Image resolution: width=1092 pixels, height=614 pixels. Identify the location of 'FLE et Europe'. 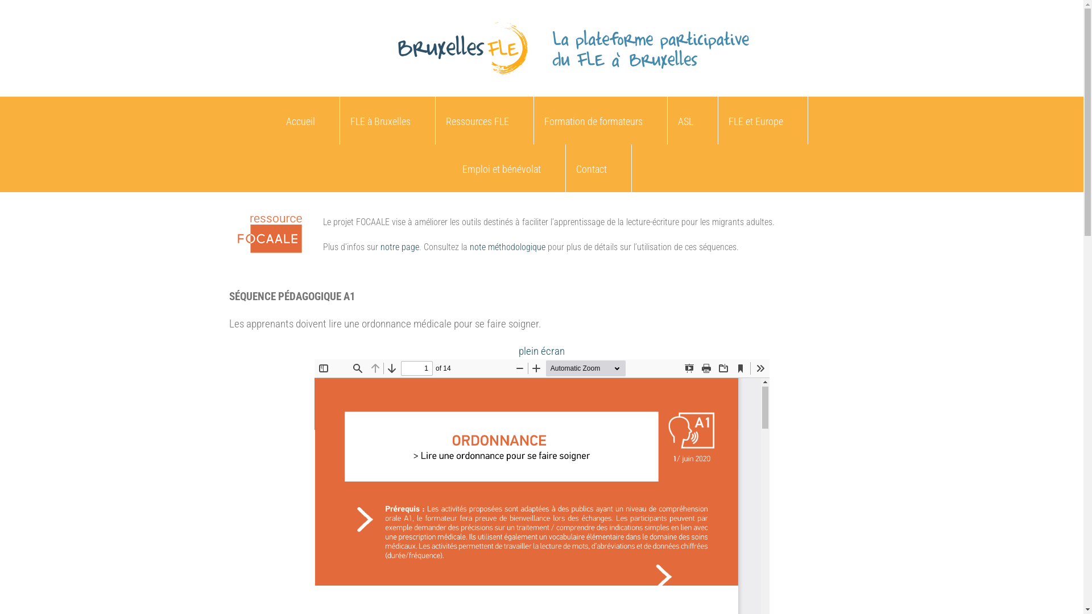
(755, 121).